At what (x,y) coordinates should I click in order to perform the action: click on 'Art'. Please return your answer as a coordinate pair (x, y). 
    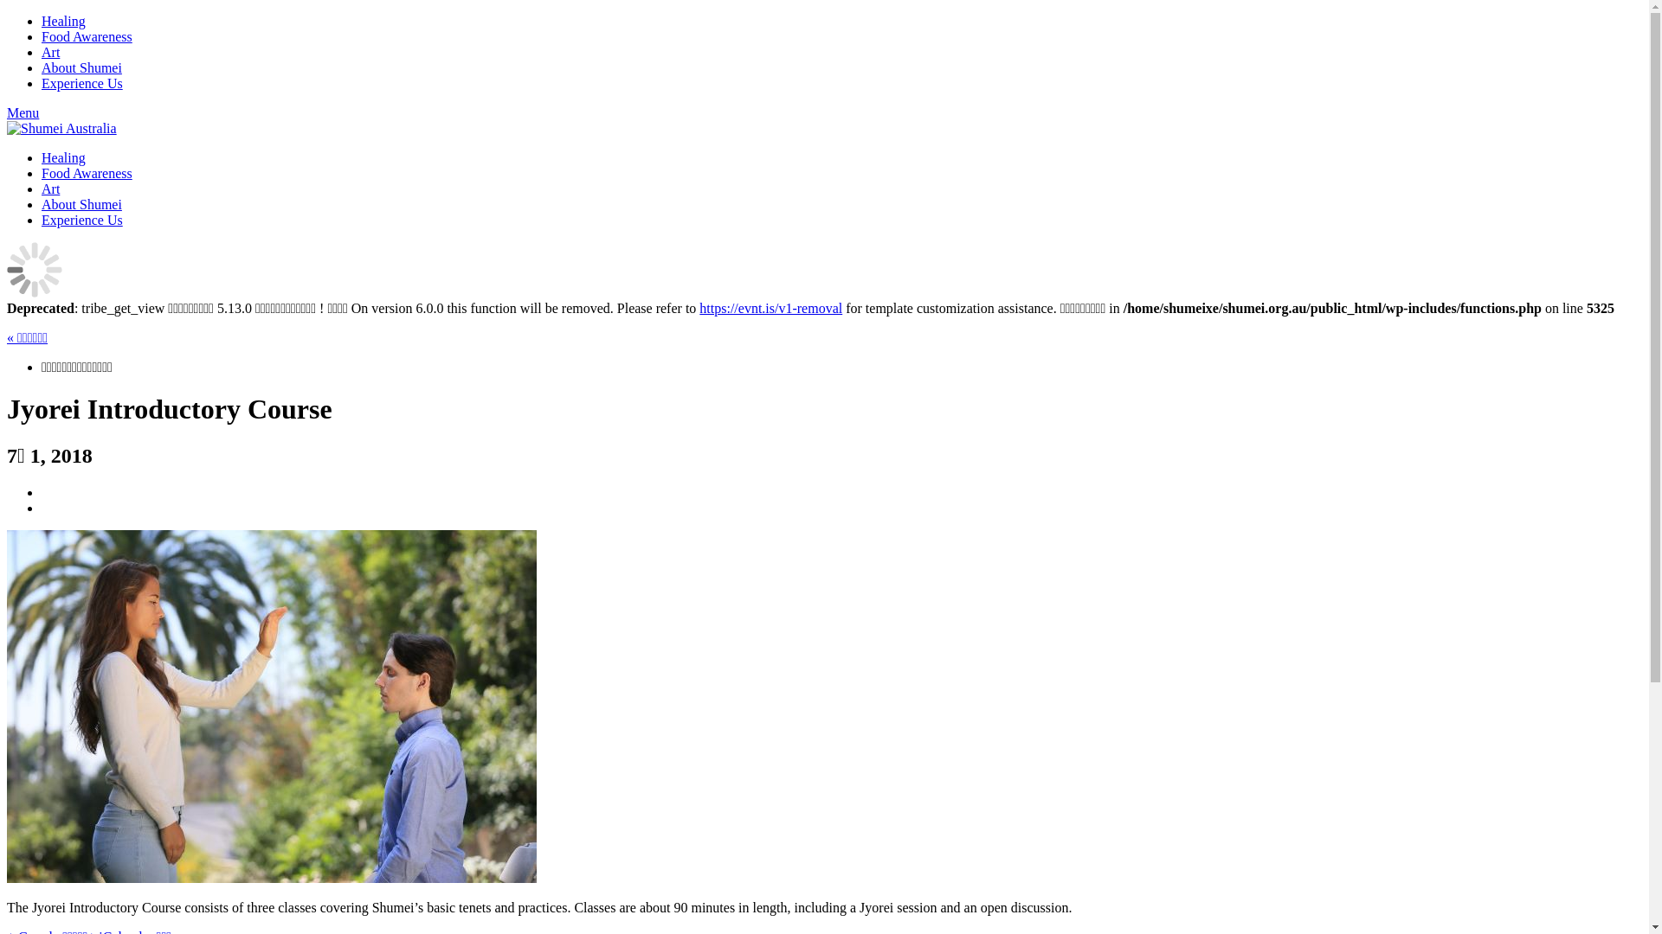
    Looking at the image, I should click on (50, 189).